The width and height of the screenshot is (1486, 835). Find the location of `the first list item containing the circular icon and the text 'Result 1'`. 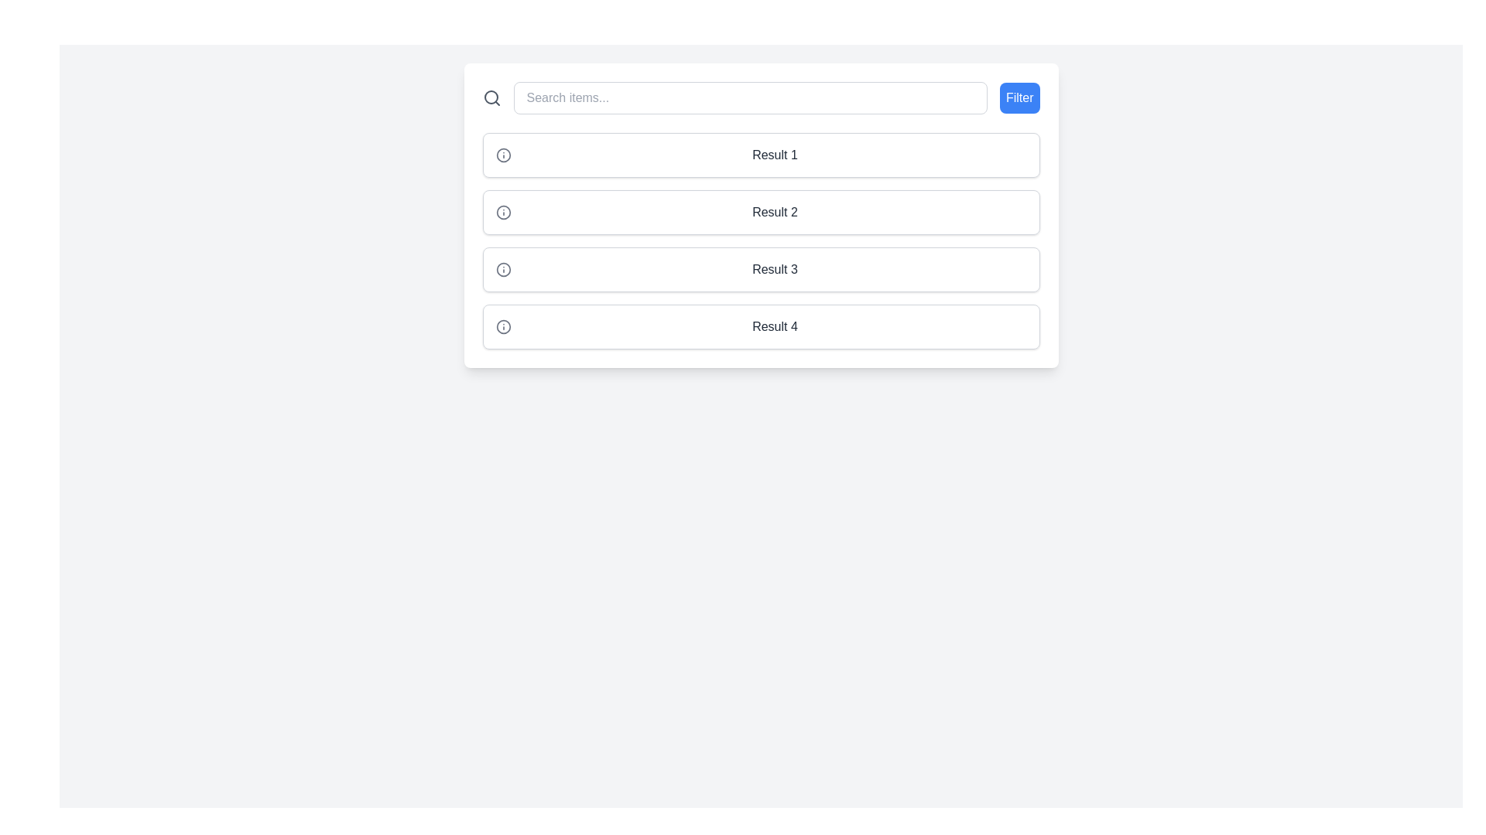

the first list item containing the circular icon and the text 'Result 1' is located at coordinates (761, 155).